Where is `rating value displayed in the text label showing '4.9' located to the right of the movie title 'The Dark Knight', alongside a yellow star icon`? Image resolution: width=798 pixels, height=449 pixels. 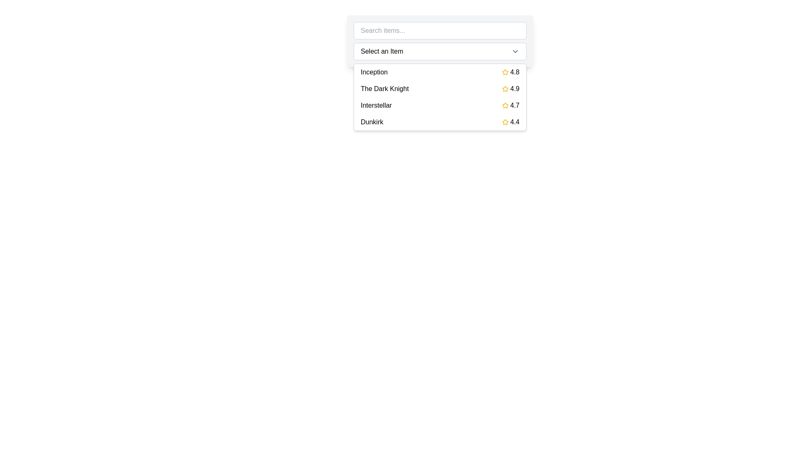
rating value displayed in the text label showing '4.9' located to the right of the movie title 'The Dark Knight', alongside a yellow star icon is located at coordinates (510, 89).